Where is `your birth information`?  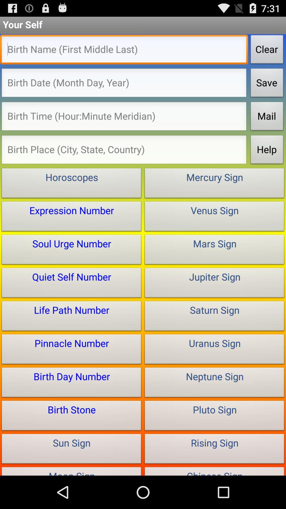
your birth information is located at coordinates (124, 84).